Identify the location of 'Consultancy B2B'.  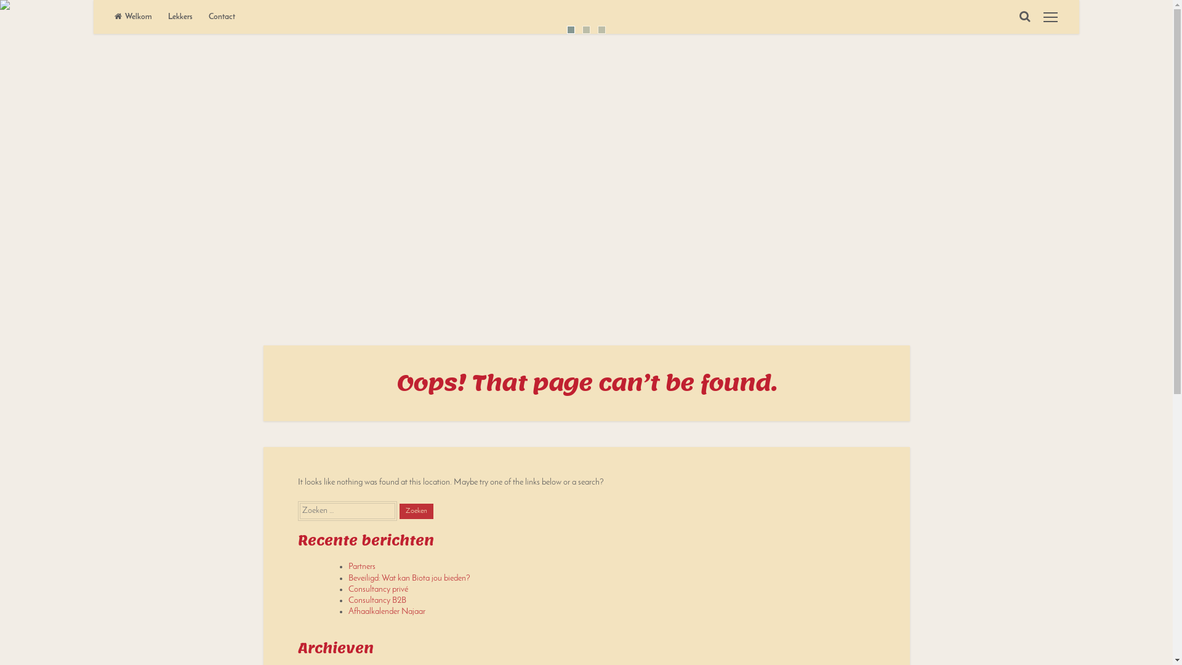
(377, 600).